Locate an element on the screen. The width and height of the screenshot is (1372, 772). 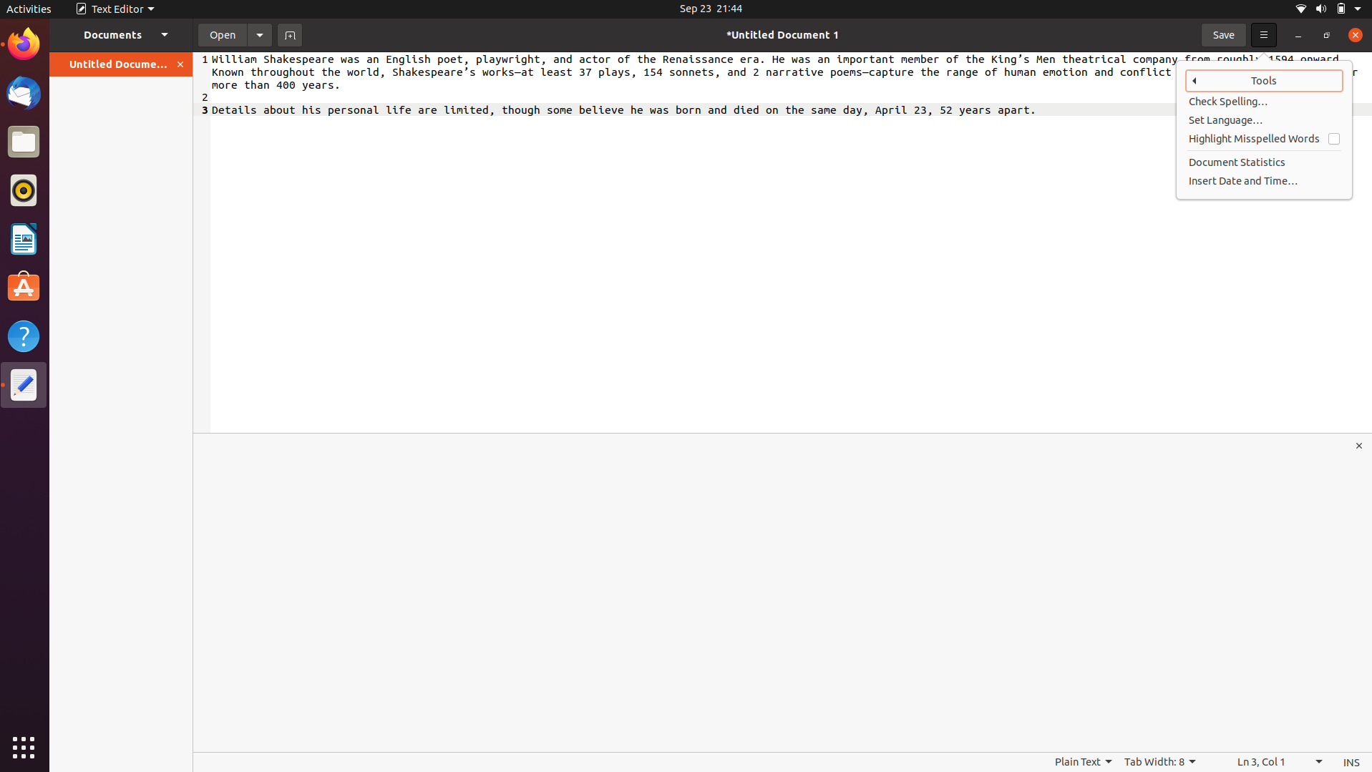
Close document using the orange button on the left panel is located at coordinates (180, 64).